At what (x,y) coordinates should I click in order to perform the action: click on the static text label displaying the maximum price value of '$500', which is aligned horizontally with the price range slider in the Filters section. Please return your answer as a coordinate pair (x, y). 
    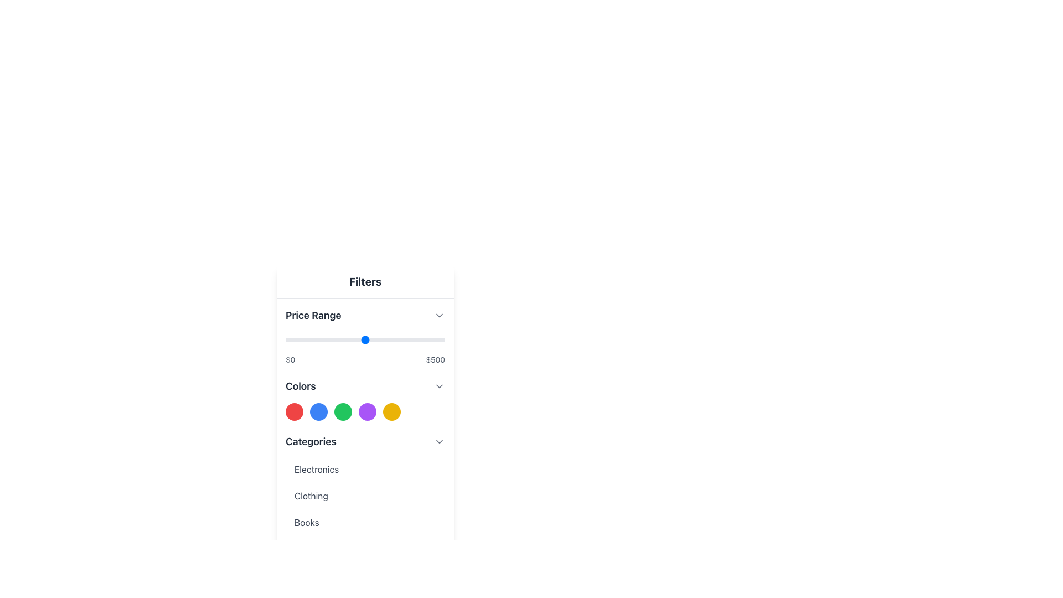
    Looking at the image, I should click on (435, 360).